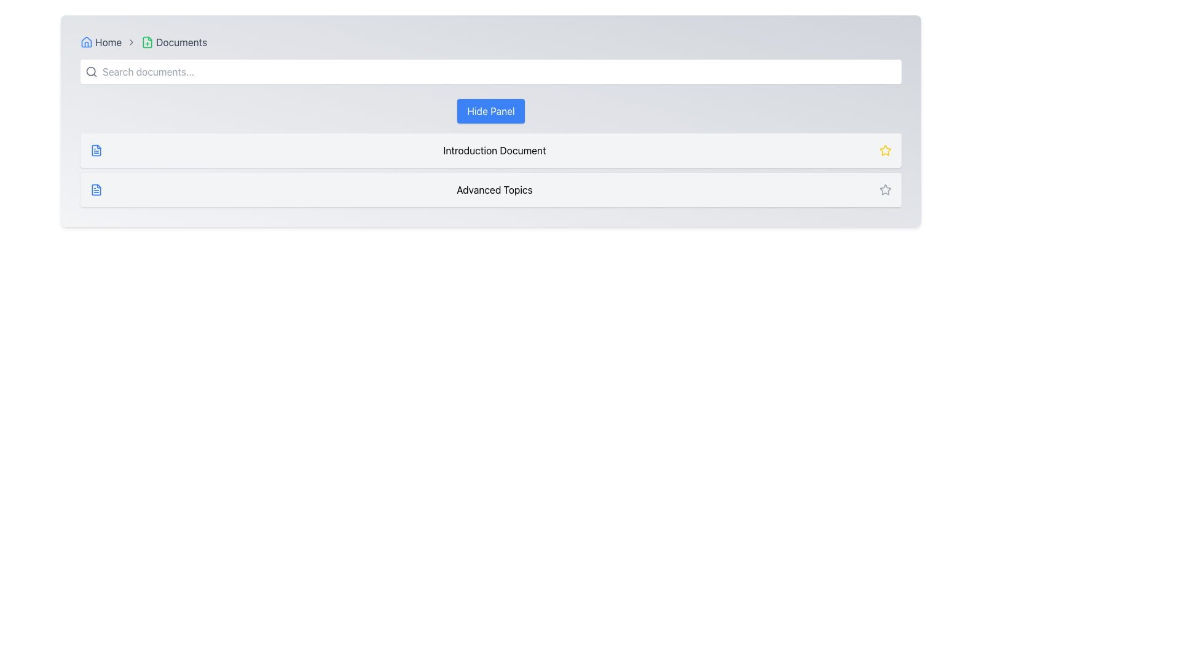 The image size is (1180, 664). Describe the element at coordinates (490, 111) in the screenshot. I see `the button that toggles the visibility of the panel, located at the center of the upper section of the interface above the 'Introduction Document' and 'Advanced Topics' content rows` at that location.